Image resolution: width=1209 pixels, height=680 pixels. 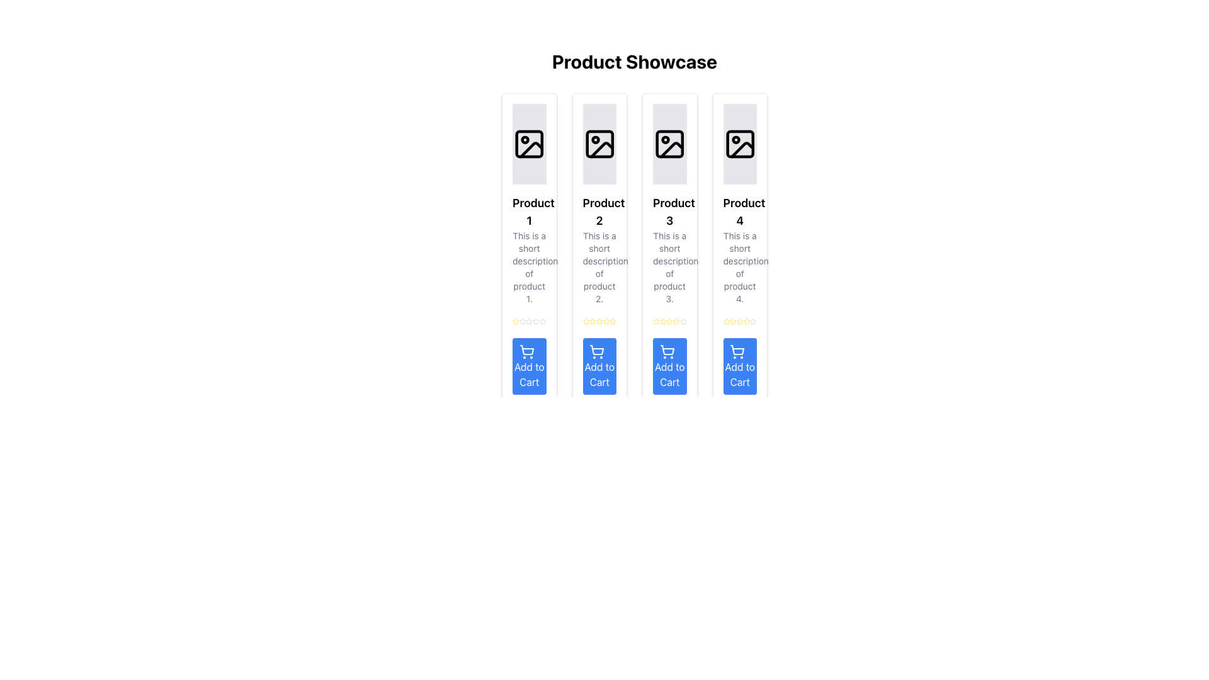 What do you see at coordinates (666, 351) in the screenshot?
I see `the shopping cart icon within the 'Add to Cart' button, located below the product description in the third column of the product grid` at bounding box center [666, 351].